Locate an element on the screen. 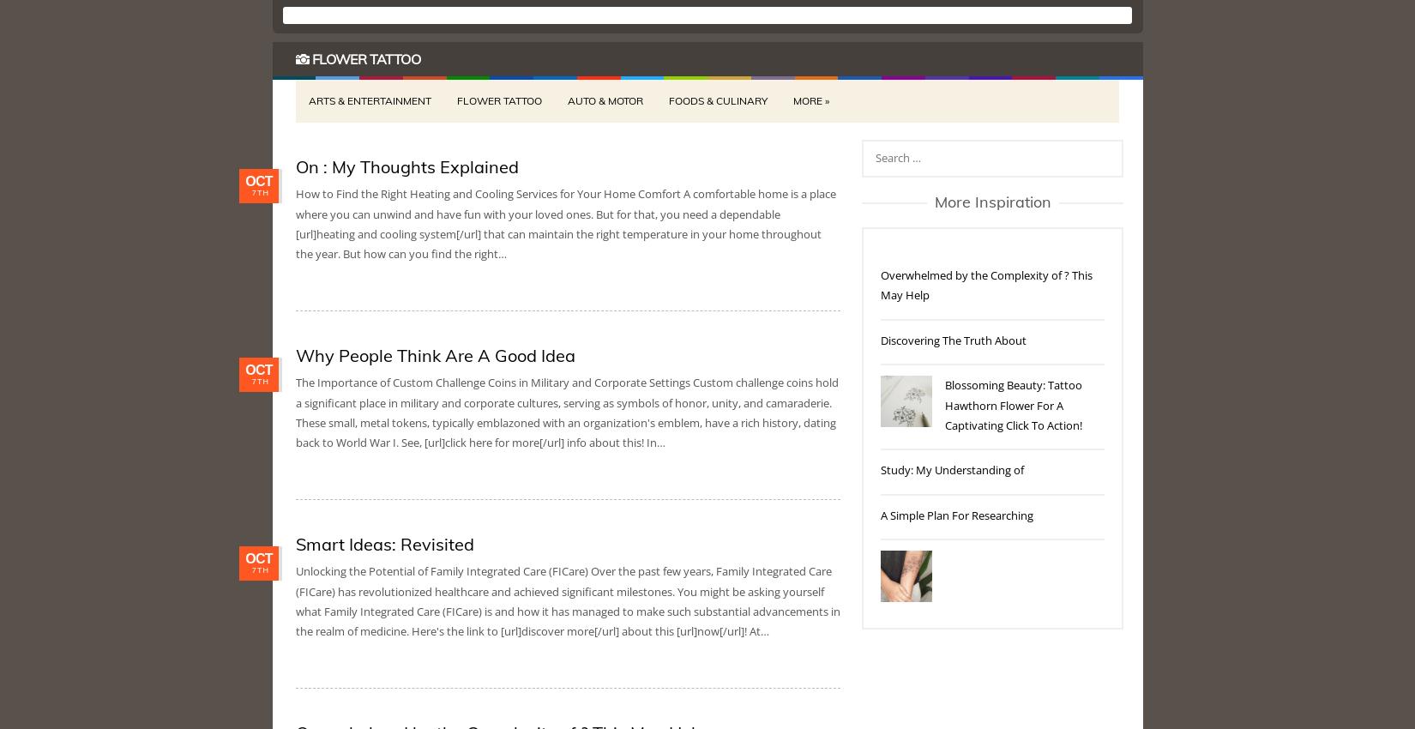 This screenshot has width=1415, height=729. 'Unlocking the Potential of Family Integrated Care (FICare) Over the past few years, Family Integrated Care (FICare) has revolutionized healthcare and achieved significant milestones. You might be asking yourself what Family Integrated Care (FICare) is and how it has managed to make such substantial advancements in the realm of medicine. Here's the link to [url]discover more[/url] about this [url]now[/url]! At…' is located at coordinates (567, 599).